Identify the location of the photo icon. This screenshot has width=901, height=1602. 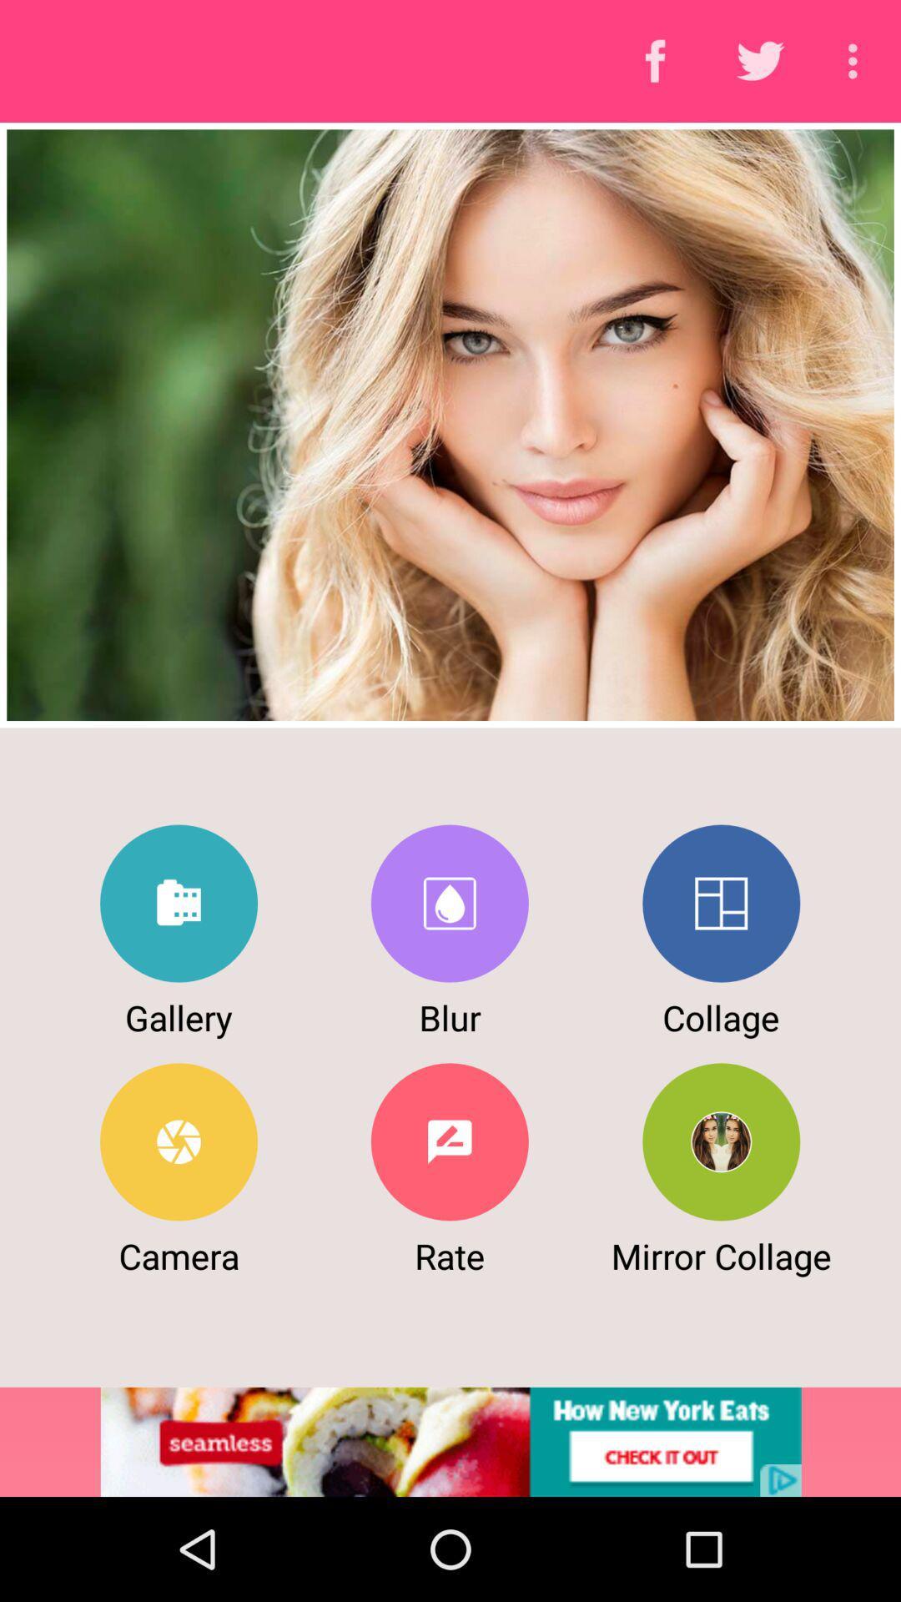
(449, 903).